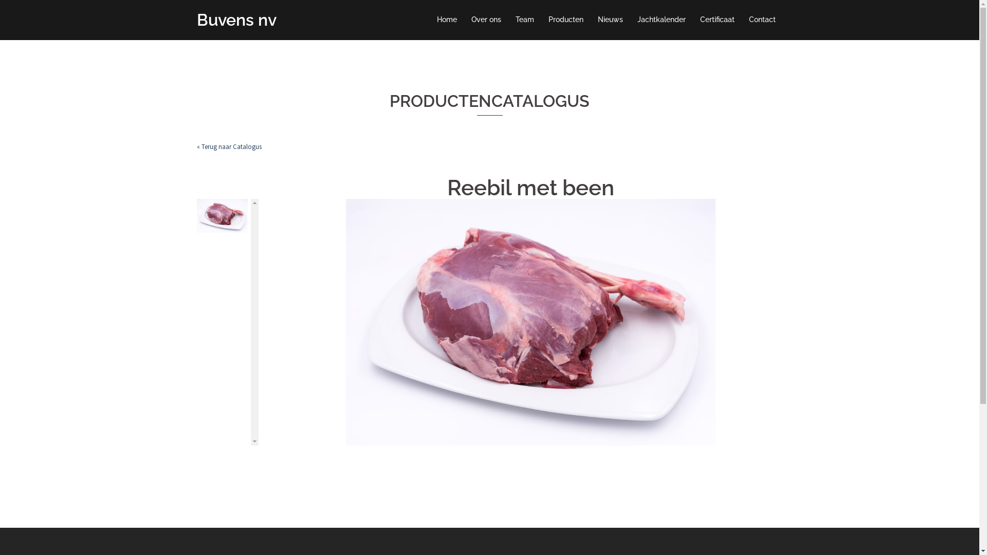  Describe the element at coordinates (717, 20) in the screenshot. I see `'Certificaat'` at that location.